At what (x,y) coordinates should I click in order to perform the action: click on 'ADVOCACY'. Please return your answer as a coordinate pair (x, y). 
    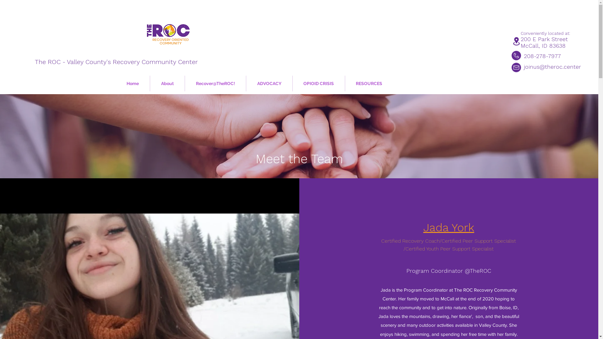
    Looking at the image, I should click on (246, 83).